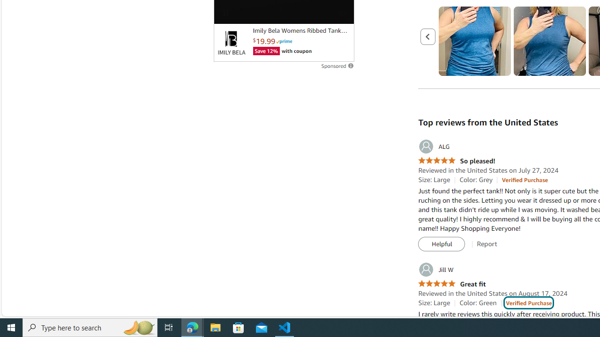  What do you see at coordinates (441, 244) in the screenshot?
I see `'Helpful'` at bounding box center [441, 244].